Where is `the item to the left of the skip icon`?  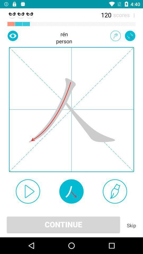
the item to the left of the skip icon is located at coordinates (63, 224).